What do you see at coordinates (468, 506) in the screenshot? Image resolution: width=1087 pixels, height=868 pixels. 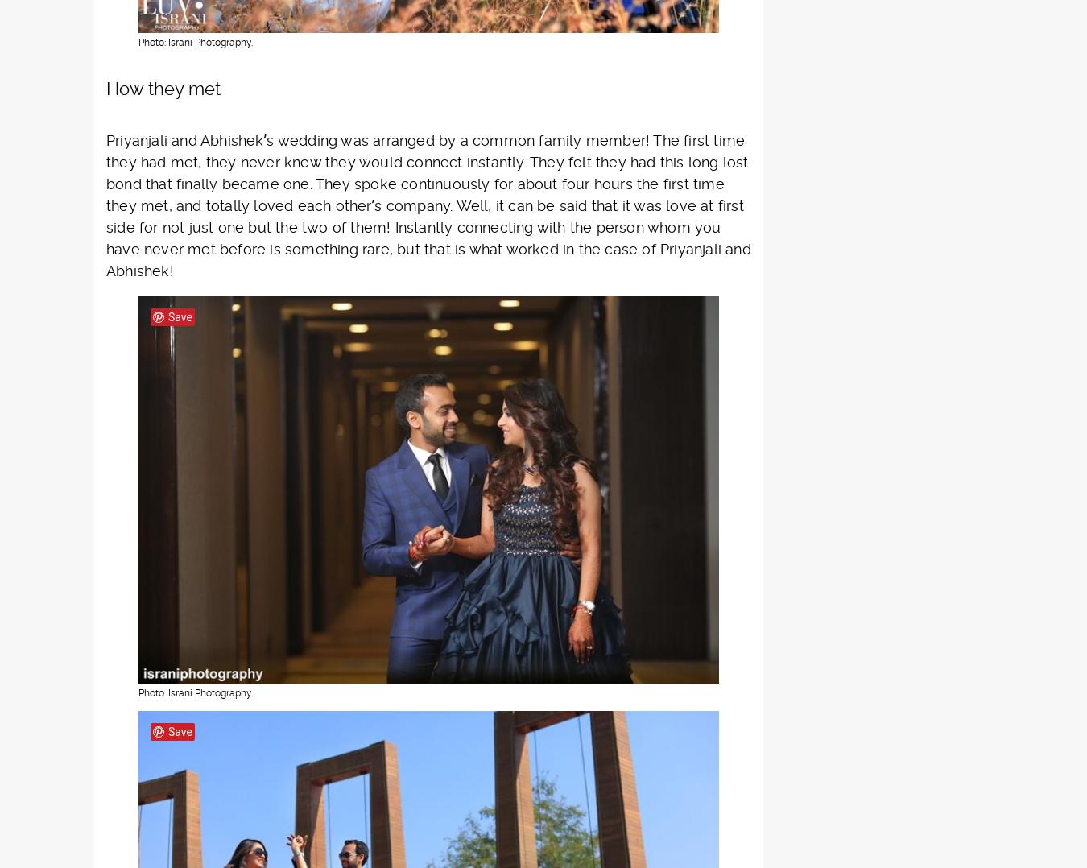 I see `'Happy Frames Photography.'` at bounding box center [468, 506].